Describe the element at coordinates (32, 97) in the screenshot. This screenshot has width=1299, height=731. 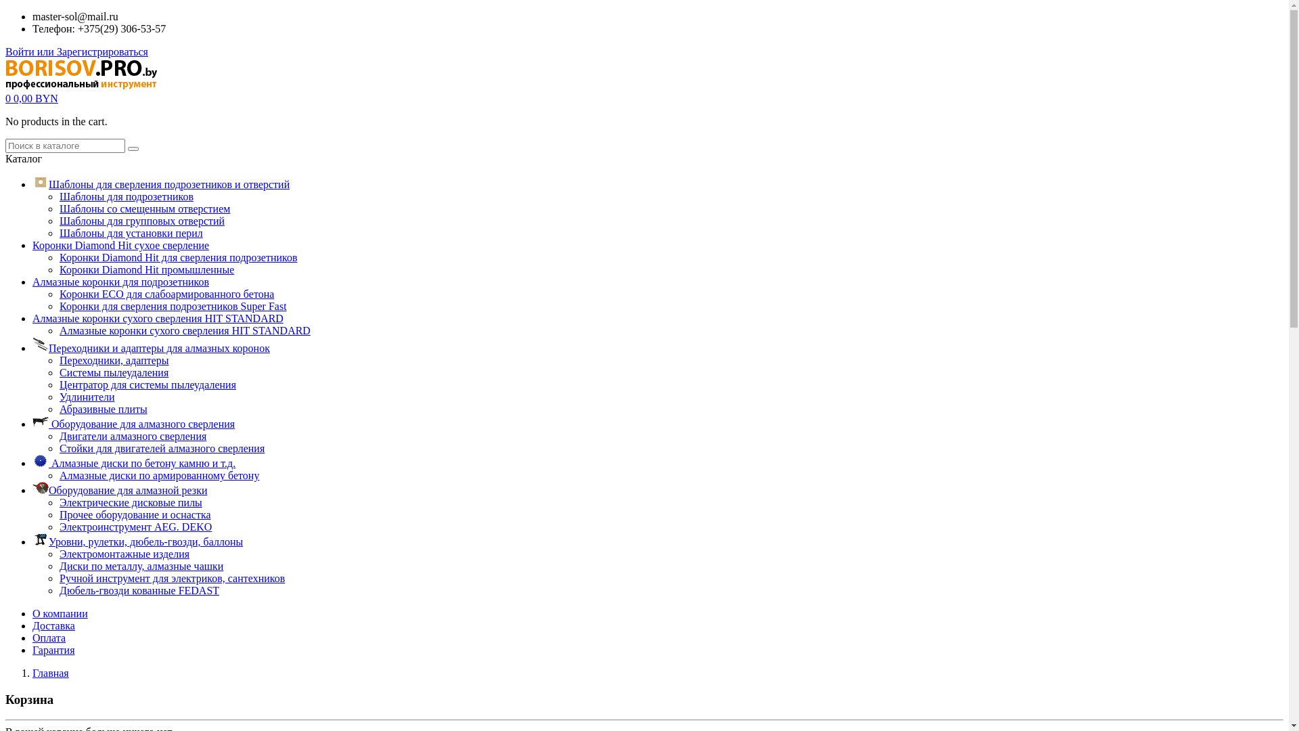
I see `'0 0,00 BYN'` at that location.